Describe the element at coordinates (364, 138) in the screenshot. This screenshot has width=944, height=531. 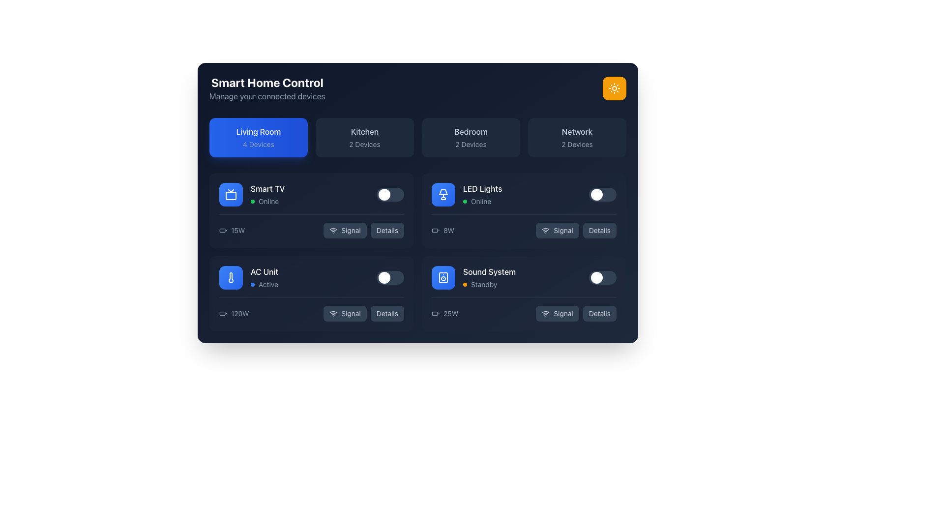
I see `the 'Kitchen' category button, which is the second button in a row of four, located between the 'Living Room' and 'Bedroom' buttons` at that location.